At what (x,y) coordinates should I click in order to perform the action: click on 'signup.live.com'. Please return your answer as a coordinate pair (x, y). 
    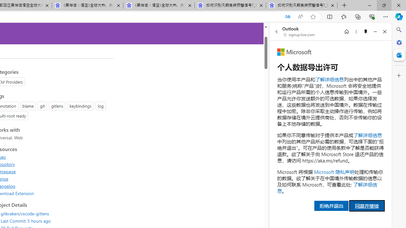
    Looking at the image, I should click on (299, 35).